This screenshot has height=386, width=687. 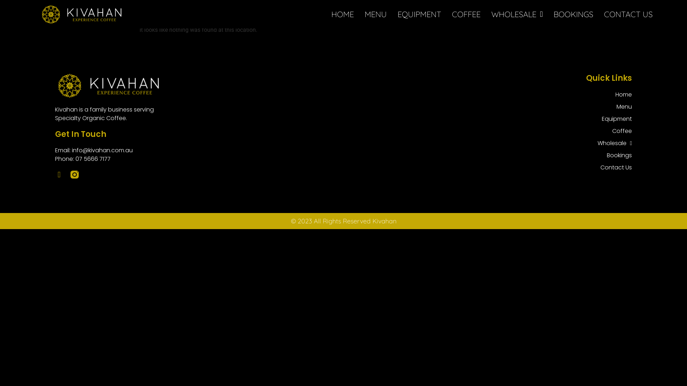 What do you see at coordinates (614, 168) in the screenshot?
I see `'Contact Us'` at bounding box center [614, 168].